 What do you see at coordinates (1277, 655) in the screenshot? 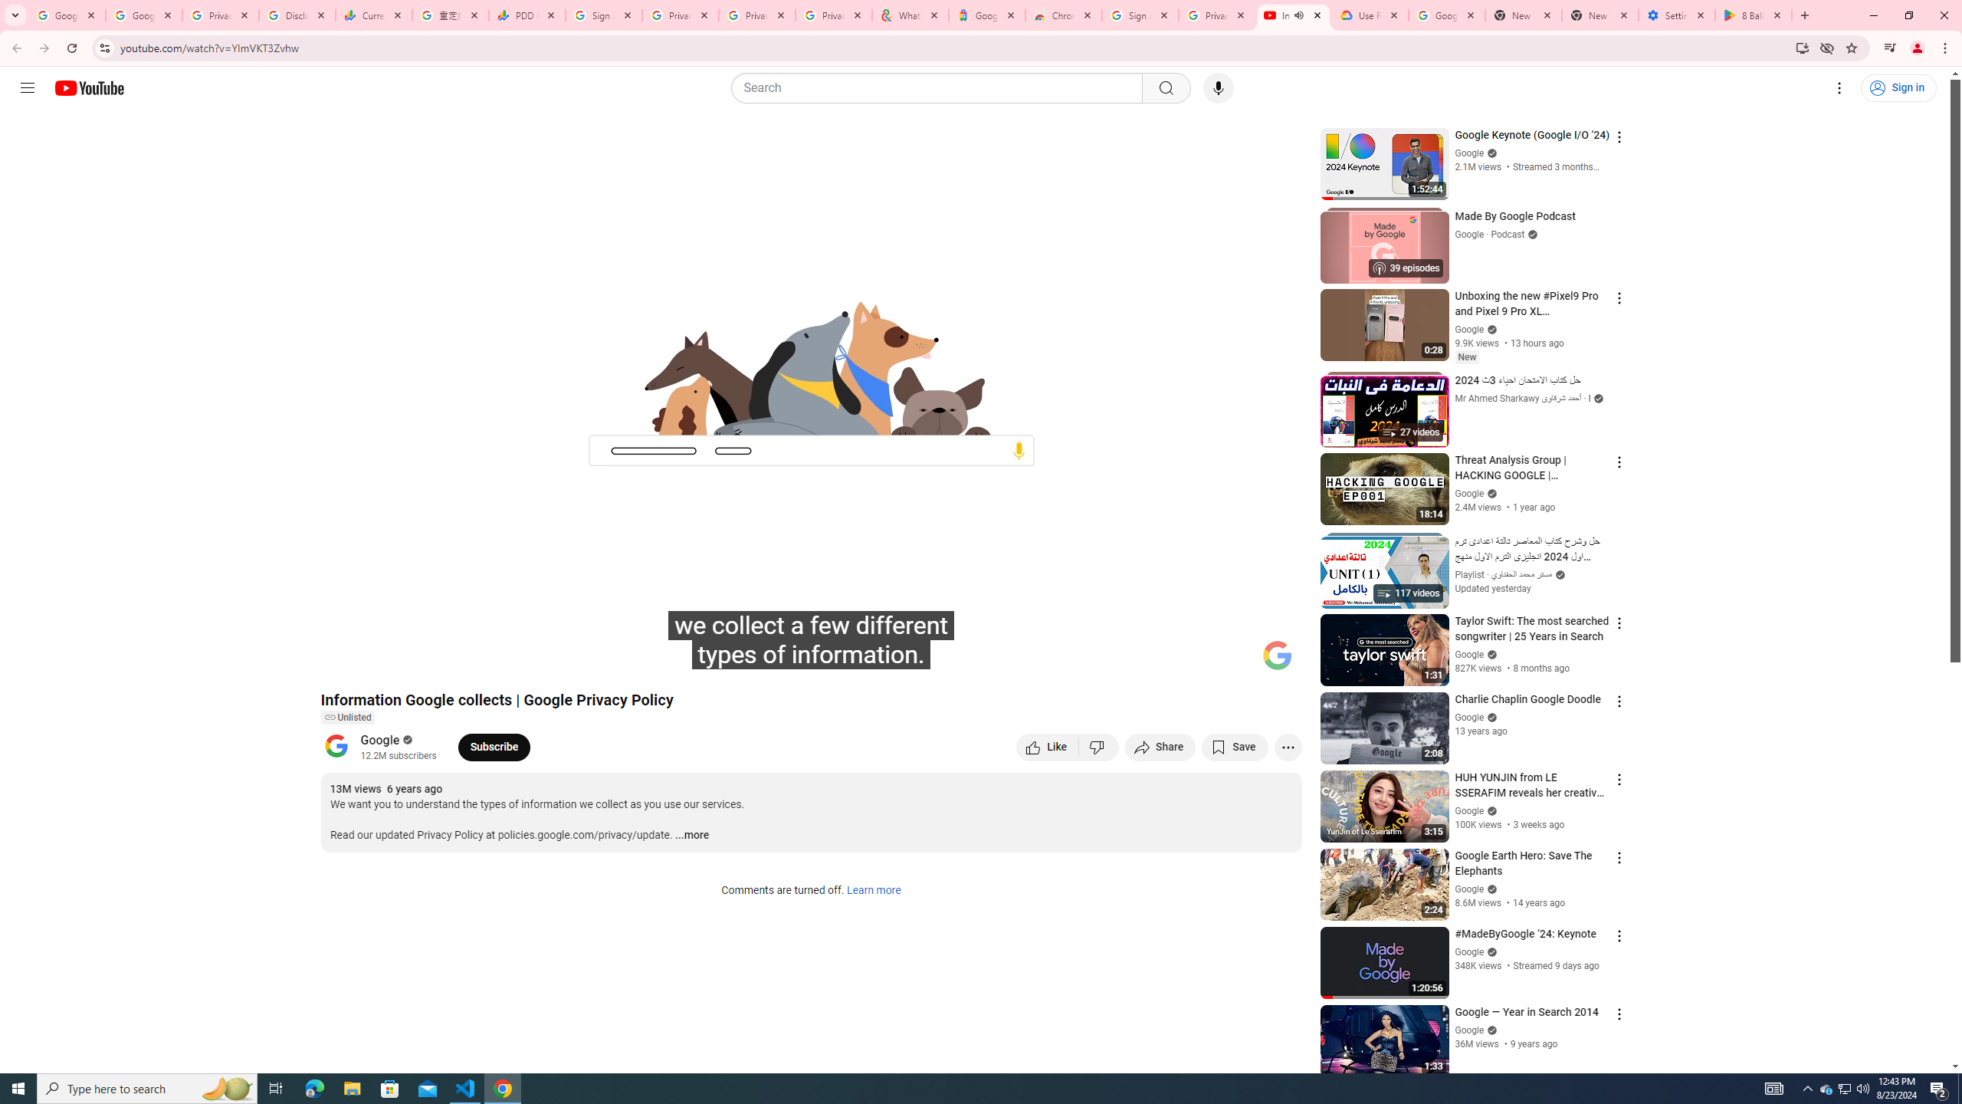
I see `'Channel watermark'` at bounding box center [1277, 655].